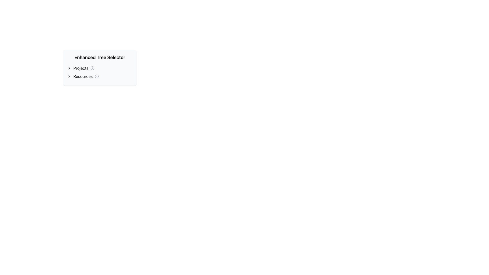  Describe the element at coordinates (69, 76) in the screenshot. I see `the expand/collapse icon located to the left of the 'Resources' text label` at that location.